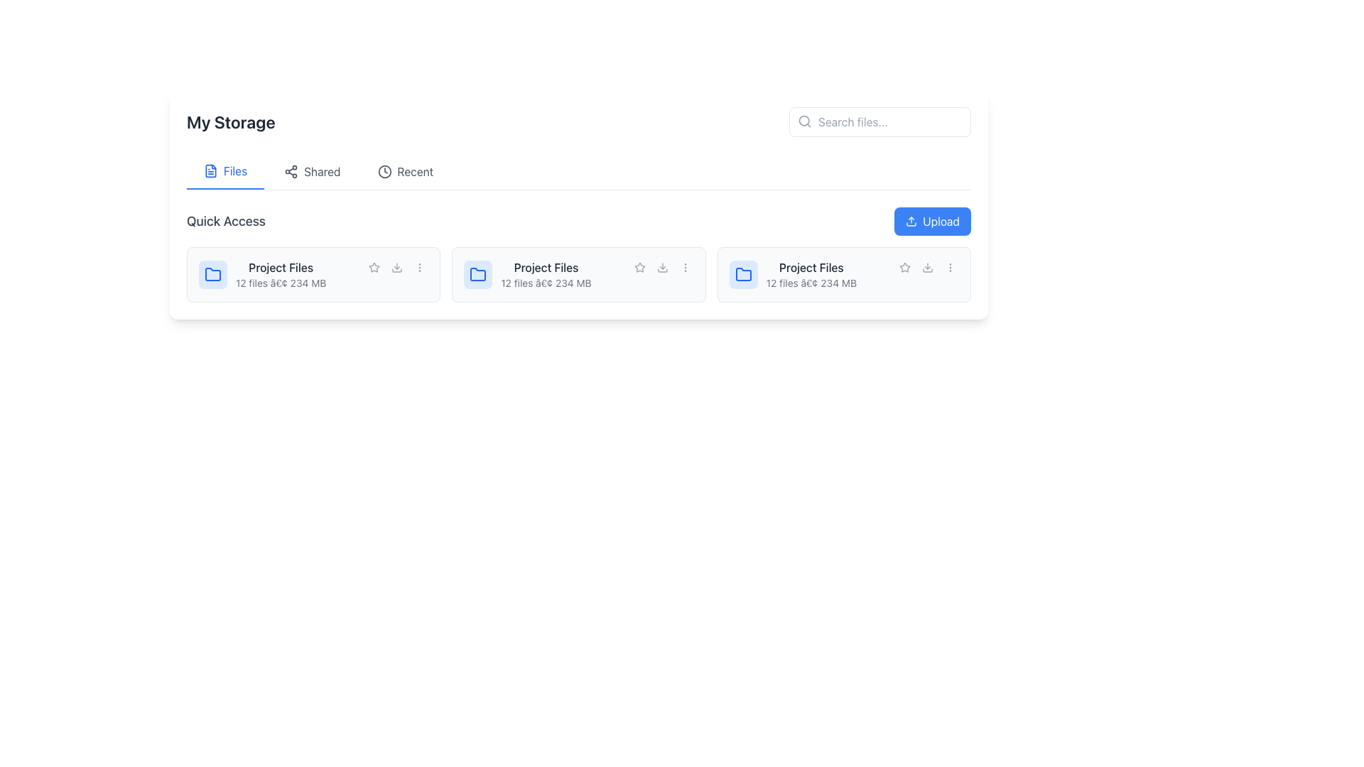  What do you see at coordinates (210, 170) in the screenshot?
I see `the small blue document icon located to the left of the 'Files' text in the 'Files' tab section` at bounding box center [210, 170].